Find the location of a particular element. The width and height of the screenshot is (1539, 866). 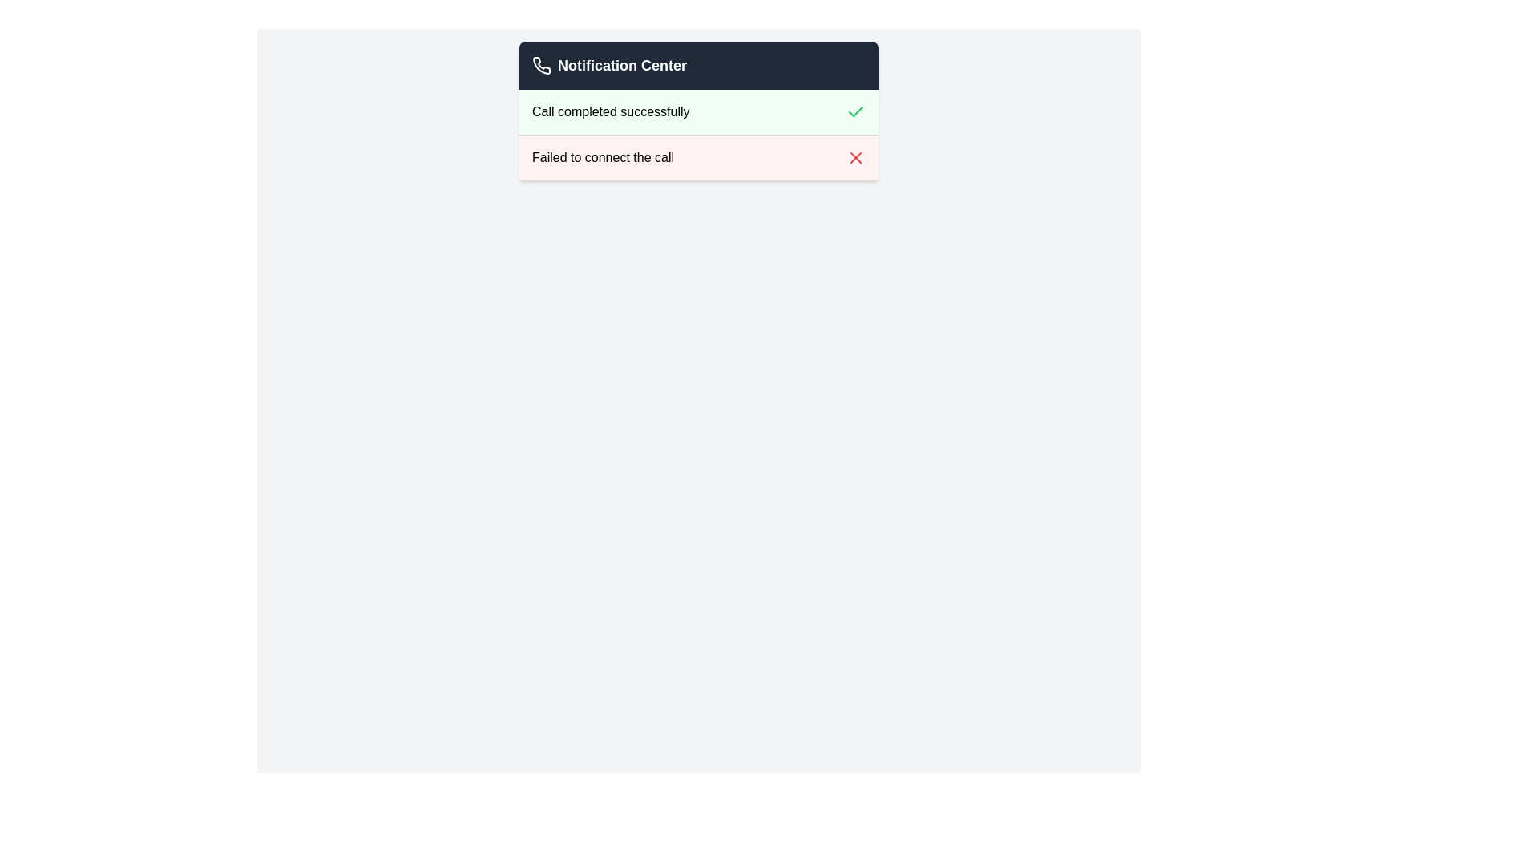

the text element displaying 'Failed to connect the call' within the light pink background, located below 'Call completed successfully' and to the left of the red 'X' icon is located at coordinates (602, 157).